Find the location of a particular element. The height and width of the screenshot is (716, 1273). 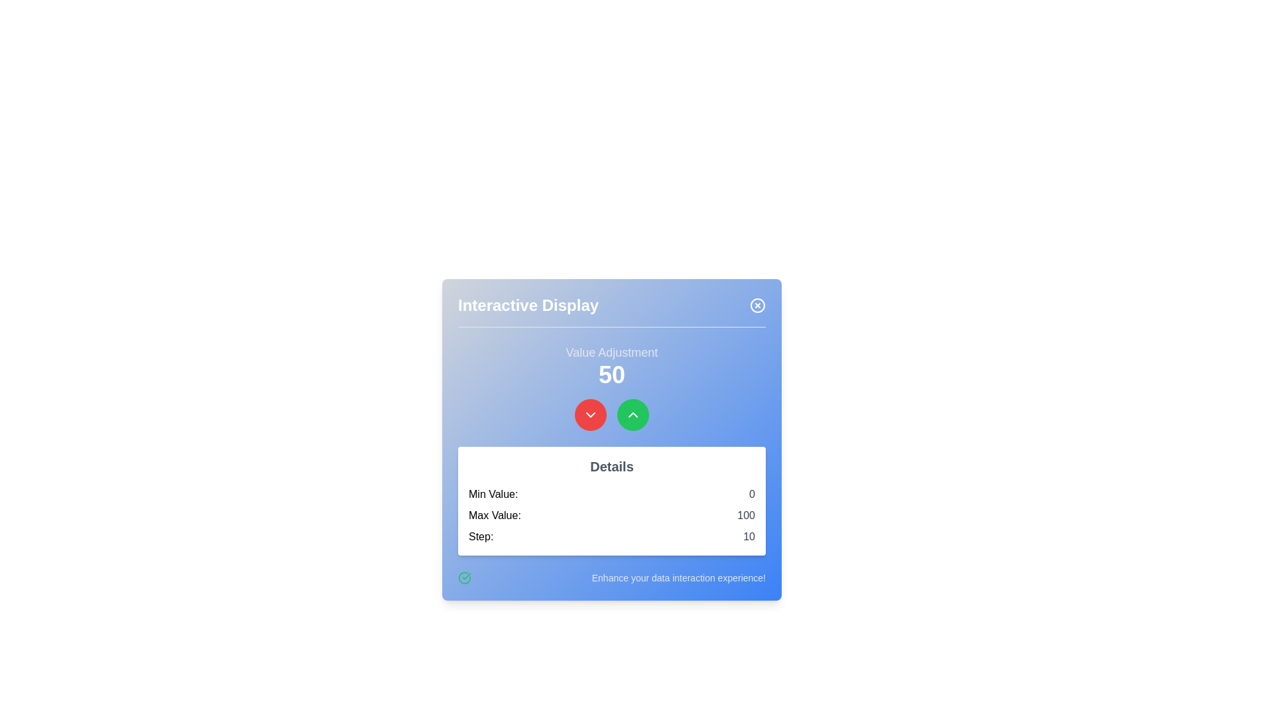

the bold, gray-colored label displaying 'Value Adjustment', which is positioned centrally above the numeric value display of '50' is located at coordinates (611, 352).